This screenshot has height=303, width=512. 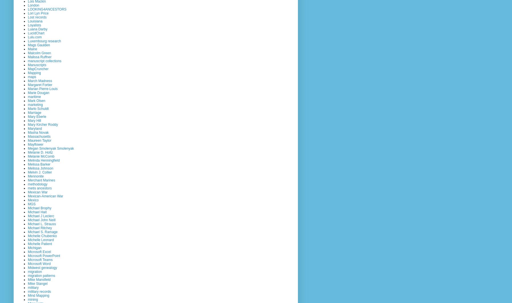 What do you see at coordinates (40, 243) in the screenshot?
I see `'Michelle Patient'` at bounding box center [40, 243].